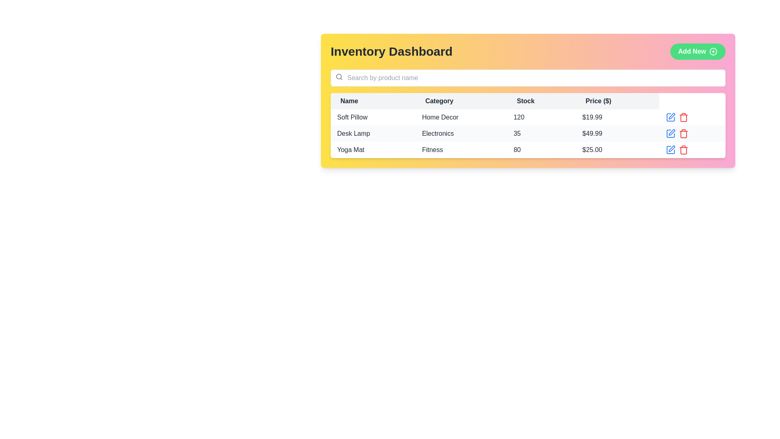 The width and height of the screenshot is (780, 439). What do you see at coordinates (713, 52) in the screenshot?
I see `the 'Add New' icon located to the right of the text` at bounding box center [713, 52].